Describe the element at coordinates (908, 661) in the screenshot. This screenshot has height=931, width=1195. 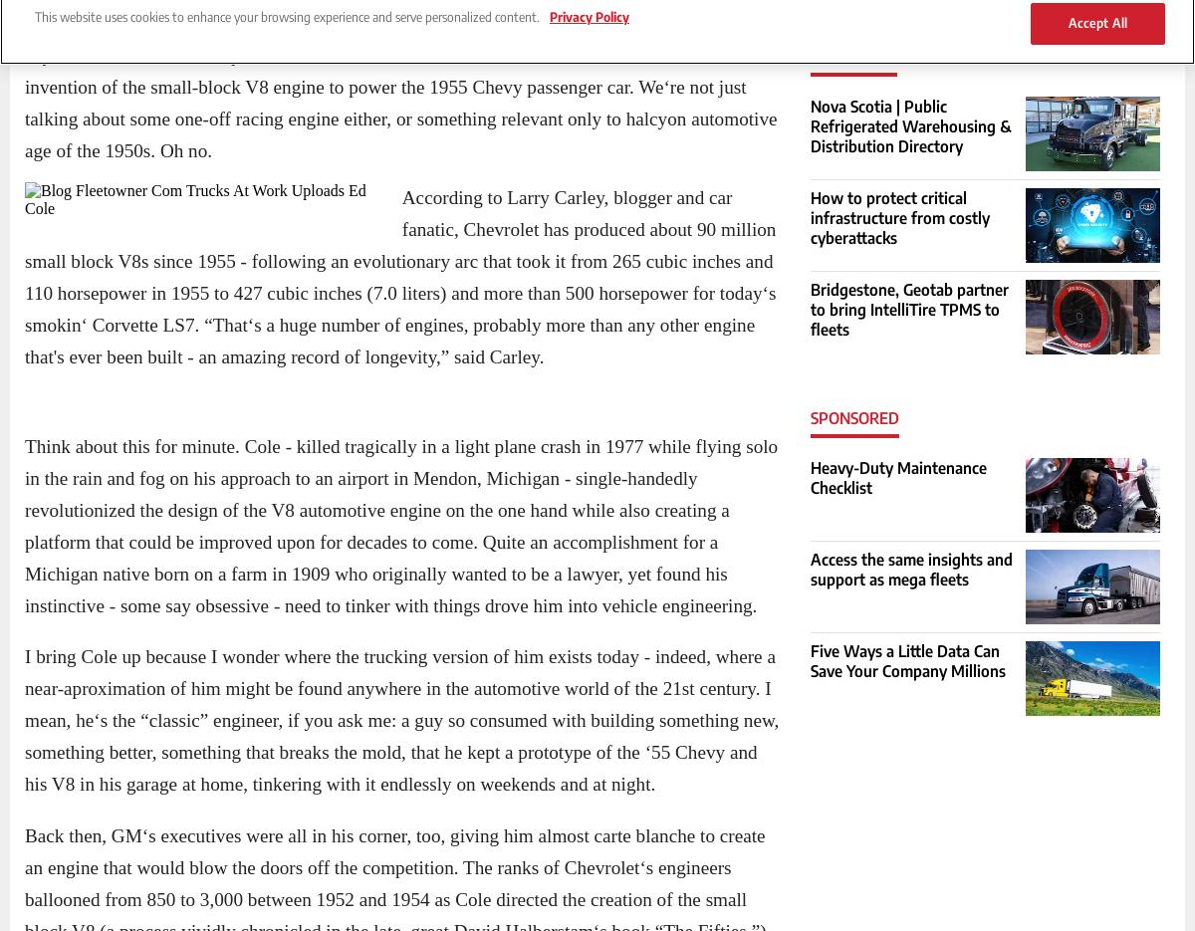
I see `'Five Ways a Little Data Can Save Your Company Millions'` at that location.